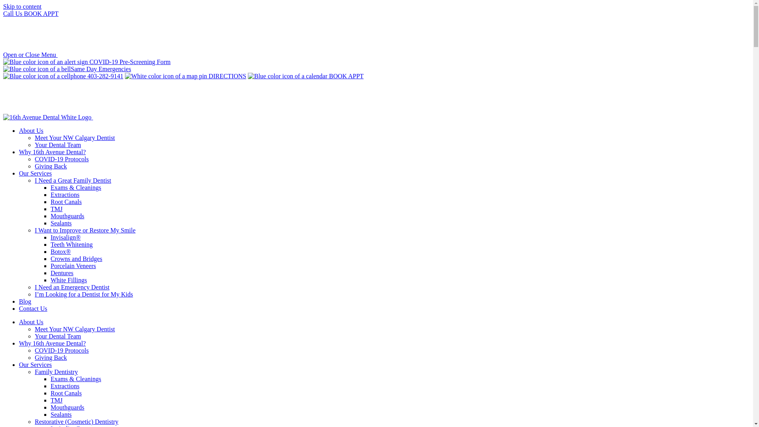 Image resolution: width=759 pixels, height=427 pixels. Describe the element at coordinates (32, 308) in the screenshot. I see `'Contact Us'` at that location.